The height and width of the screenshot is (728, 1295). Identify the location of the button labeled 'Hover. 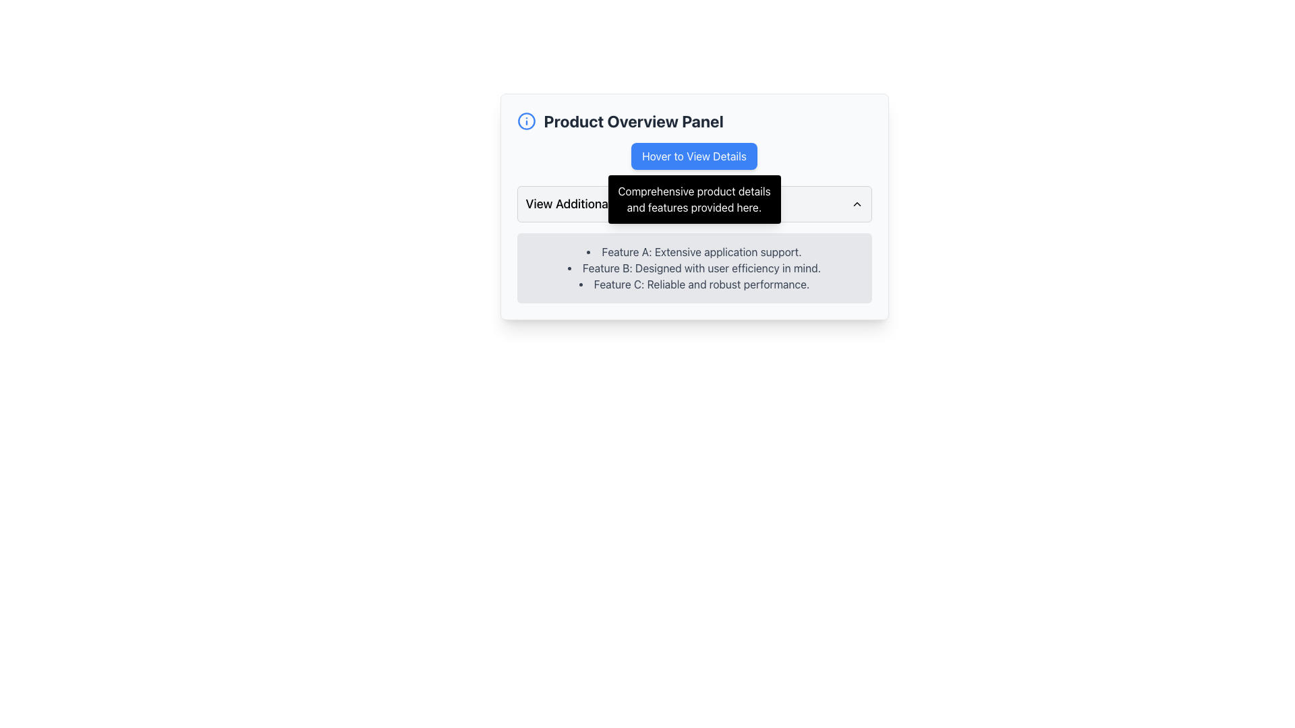
(694, 155).